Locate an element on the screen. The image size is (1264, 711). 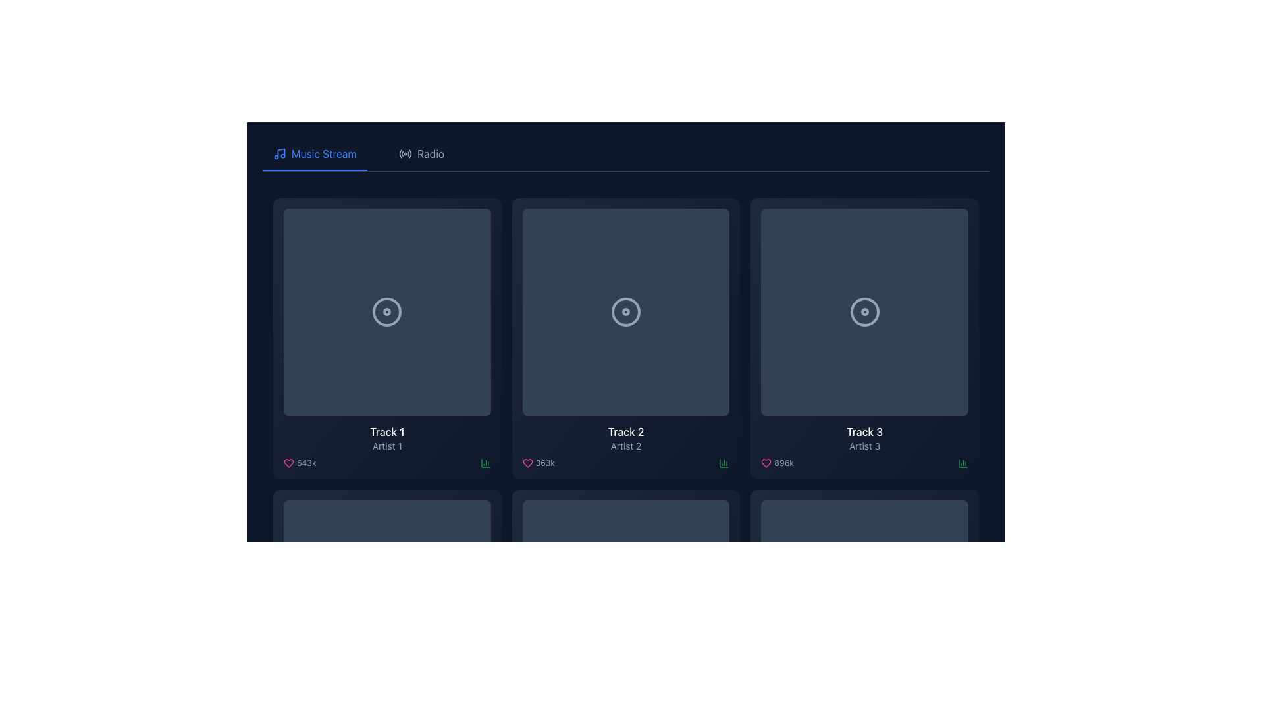
the square tile with a dark background and rounded corners that contains concentric circles, located in the card labeled 'Track 3' and 'Artist 3' is located at coordinates (864, 312).